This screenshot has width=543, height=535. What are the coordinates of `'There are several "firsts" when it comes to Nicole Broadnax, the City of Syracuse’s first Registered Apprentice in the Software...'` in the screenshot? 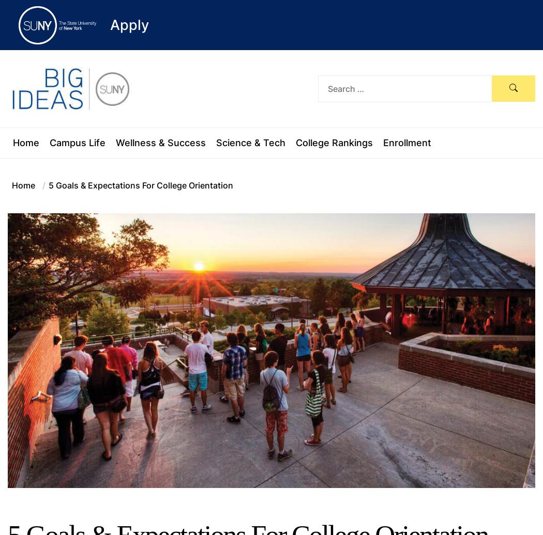 It's located at (234, 356).